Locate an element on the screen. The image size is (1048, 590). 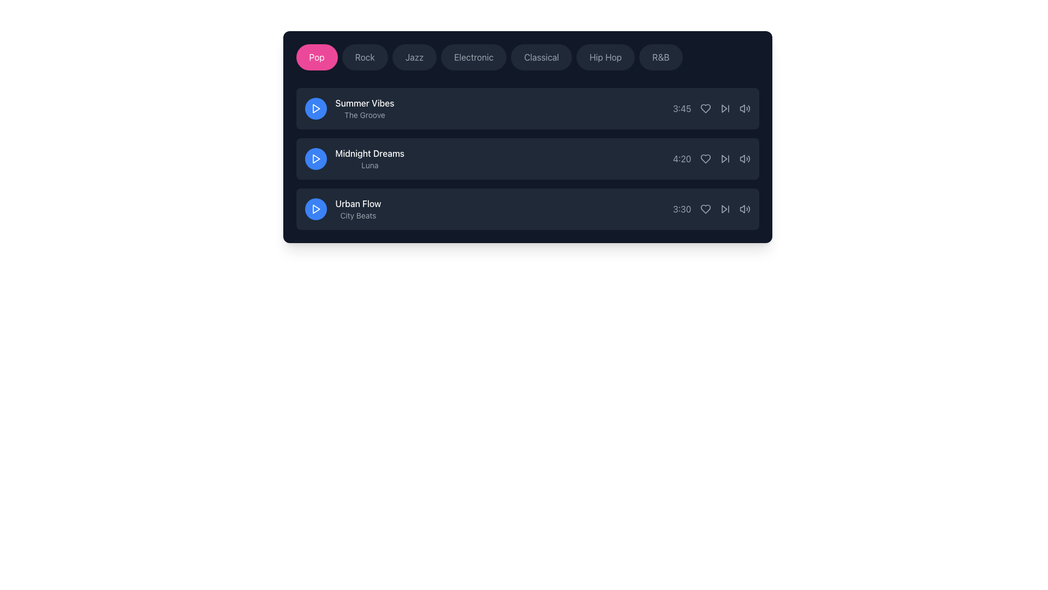
the play icon for the 'Midnight Dreams' track to initiate playback of the associated media is located at coordinates (315, 158).